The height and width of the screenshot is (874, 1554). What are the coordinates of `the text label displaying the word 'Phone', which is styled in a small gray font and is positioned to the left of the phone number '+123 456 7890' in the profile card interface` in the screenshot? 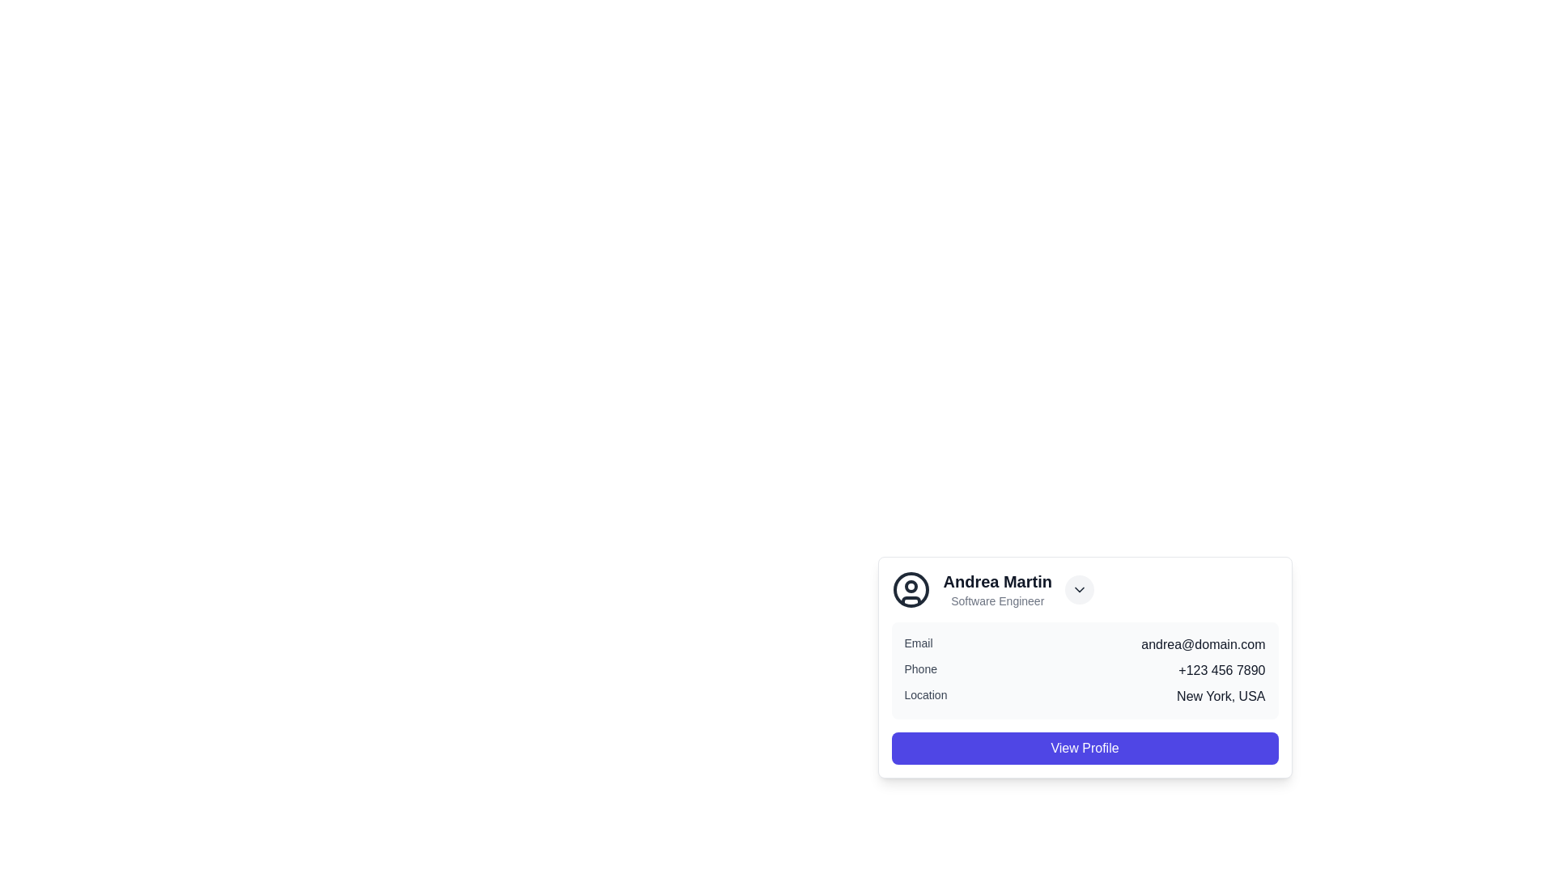 It's located at (920, 671).